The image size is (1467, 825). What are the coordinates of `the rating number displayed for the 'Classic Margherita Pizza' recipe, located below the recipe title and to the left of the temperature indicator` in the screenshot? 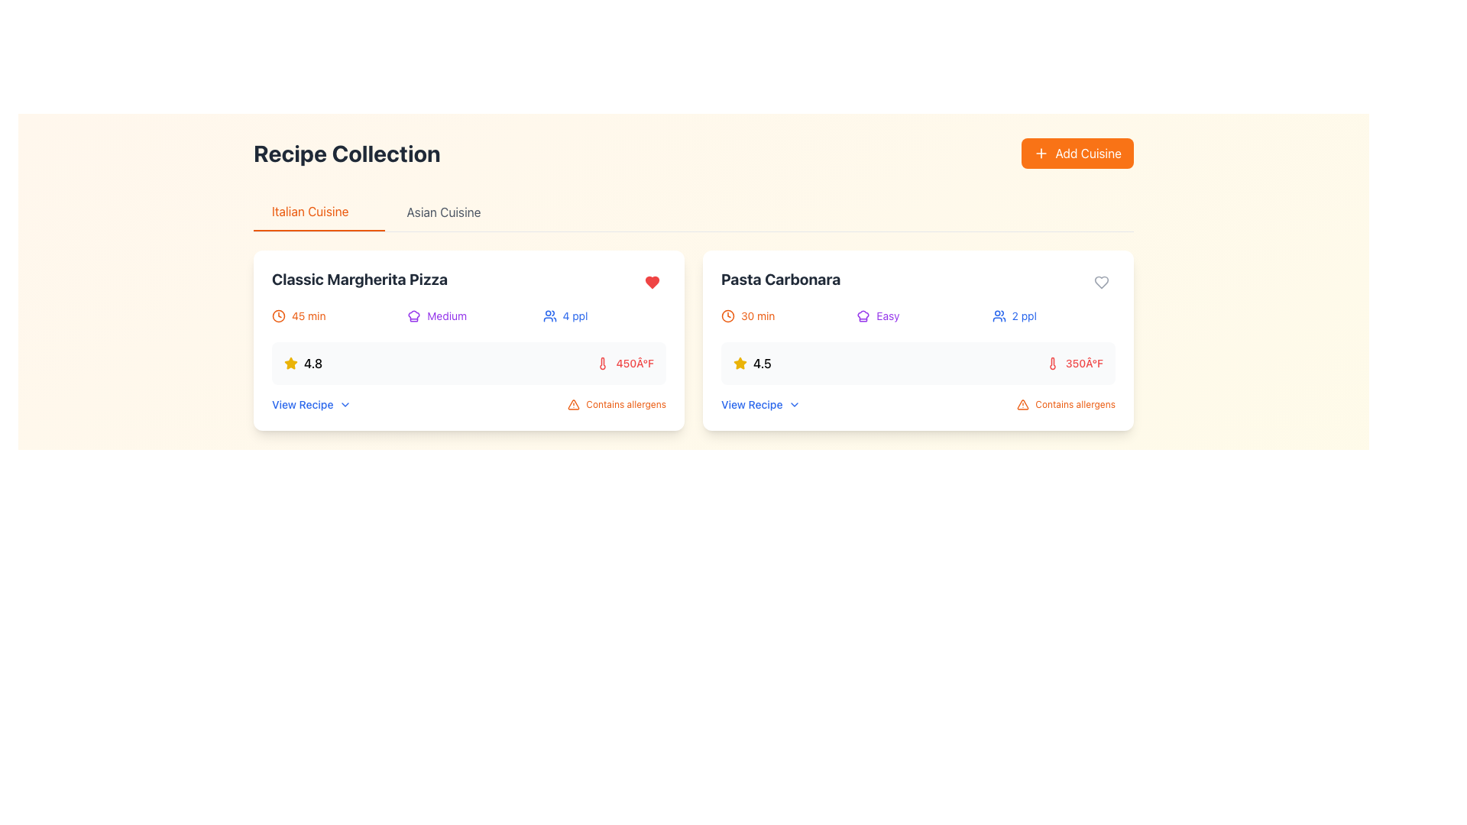 It's located at (303, 363).